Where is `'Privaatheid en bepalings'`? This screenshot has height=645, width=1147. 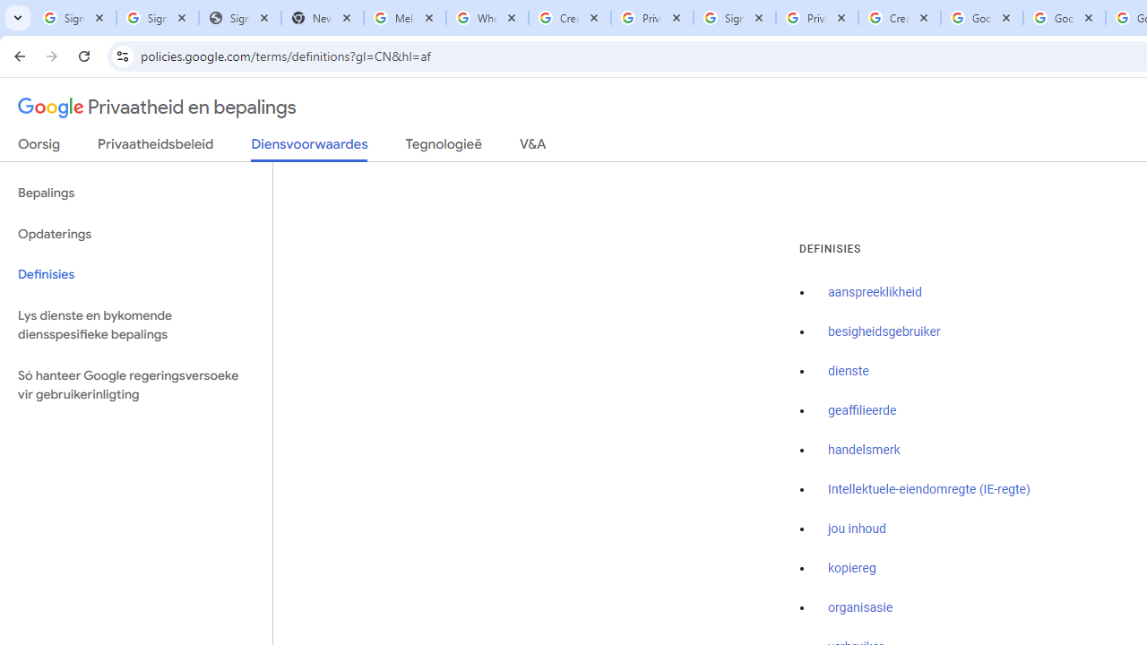
'Privaatheid en bepalings' is located at coordinates (158, 107).